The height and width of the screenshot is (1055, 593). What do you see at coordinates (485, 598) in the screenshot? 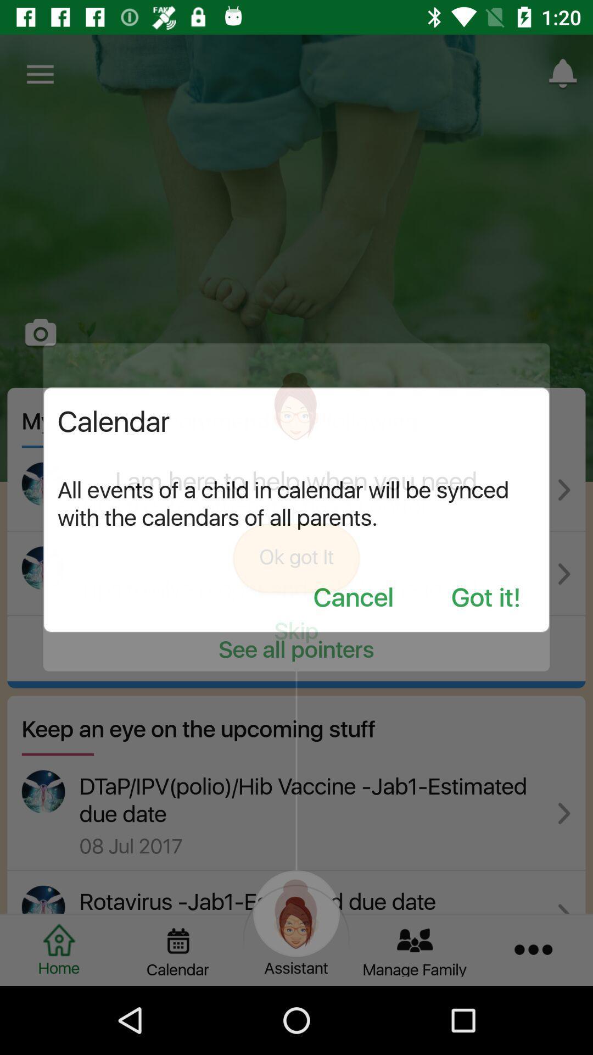
I see `got it! on the right` at bounding box center [485, 598].